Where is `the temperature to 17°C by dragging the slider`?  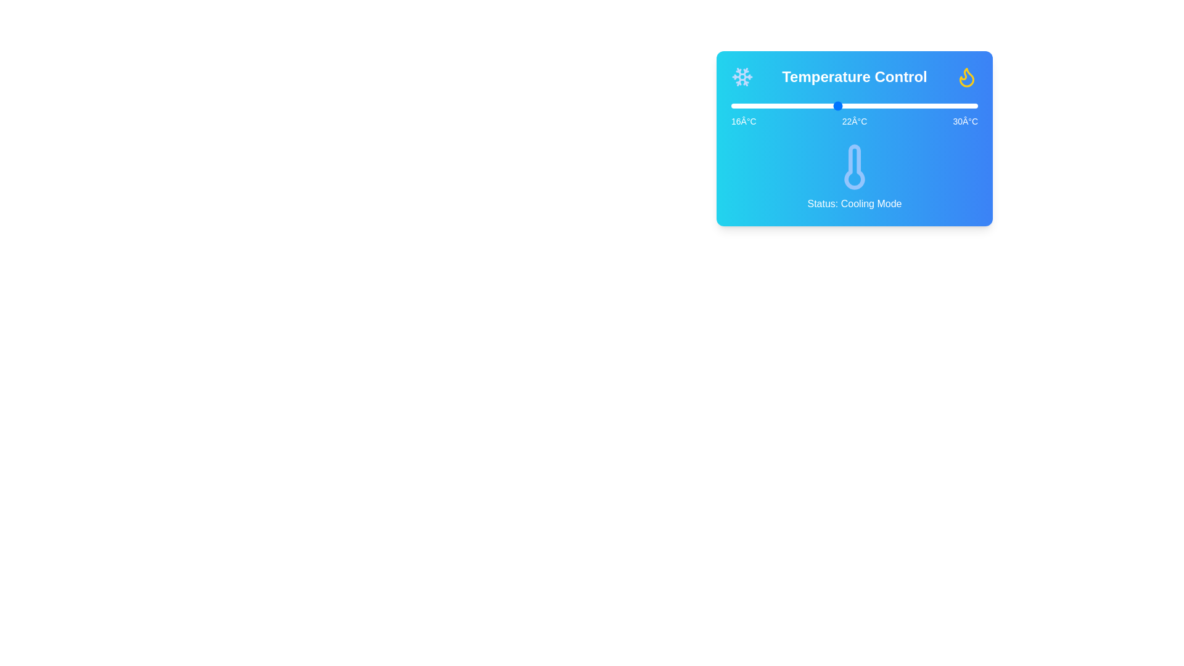
the temperature to 17°C by dragging the slider is located at coordinates (748, 105).